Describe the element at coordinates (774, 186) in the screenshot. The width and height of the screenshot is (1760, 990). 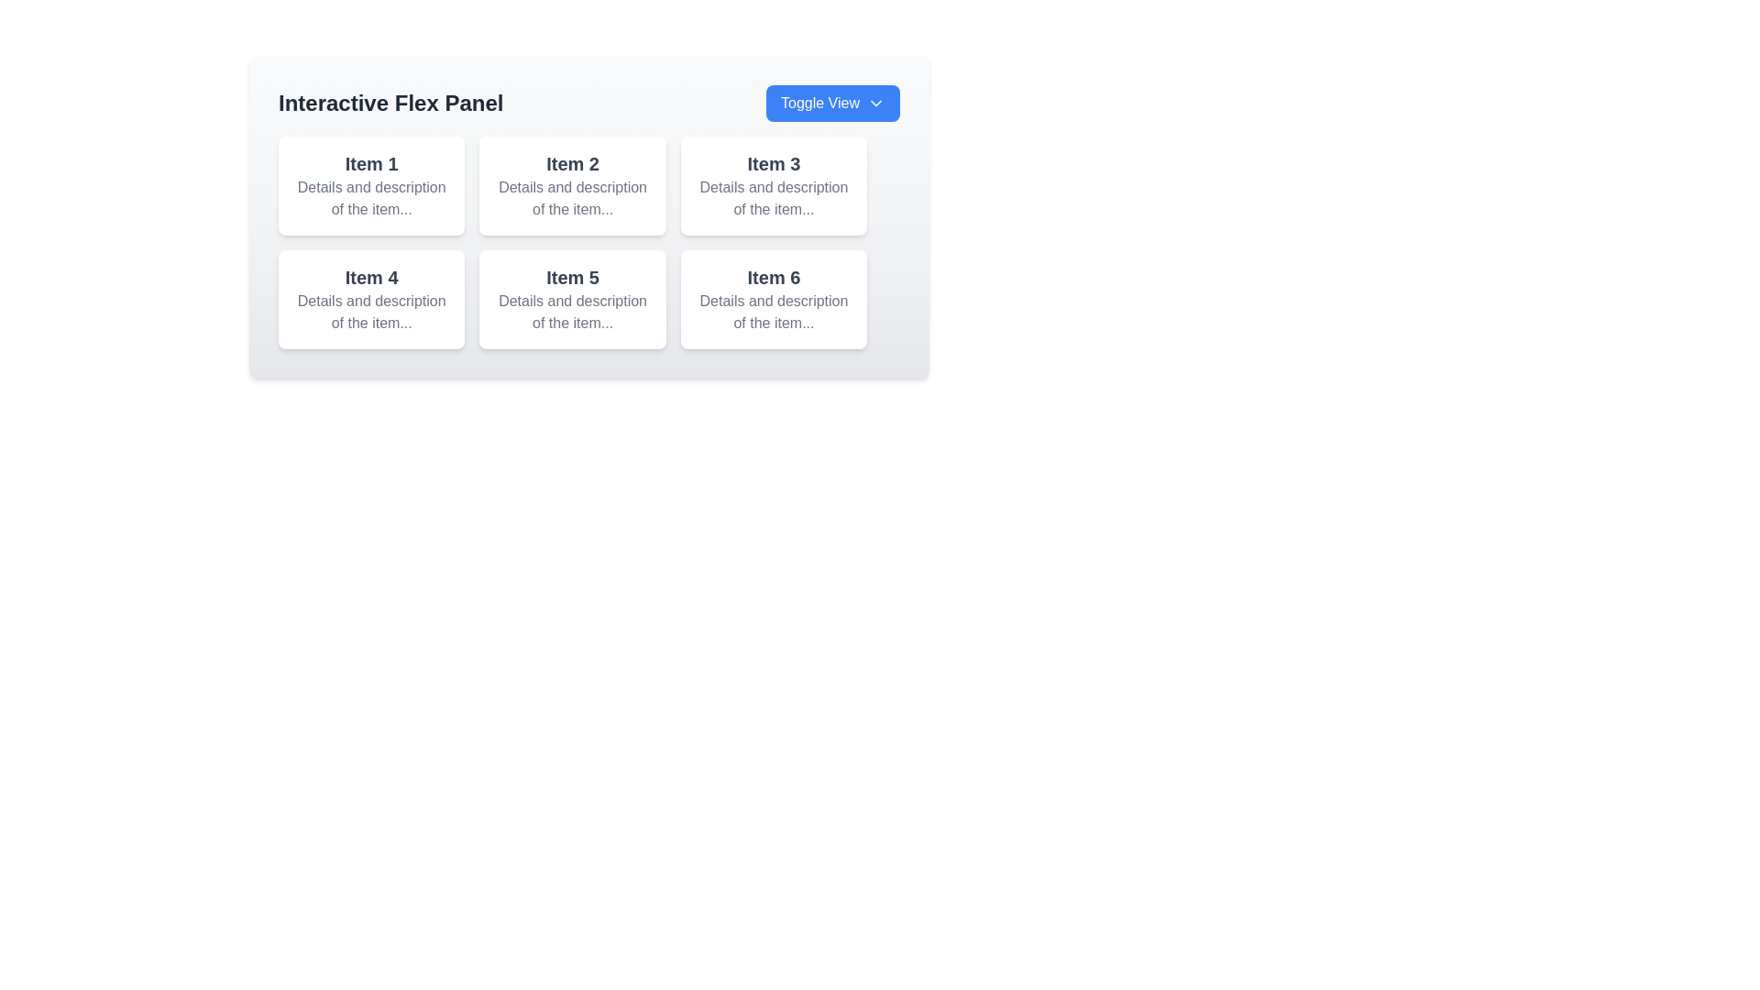
I see `the card with a white background and bold heading 'Item 3', which is the third card from the left in the top row of a grid` at that location.